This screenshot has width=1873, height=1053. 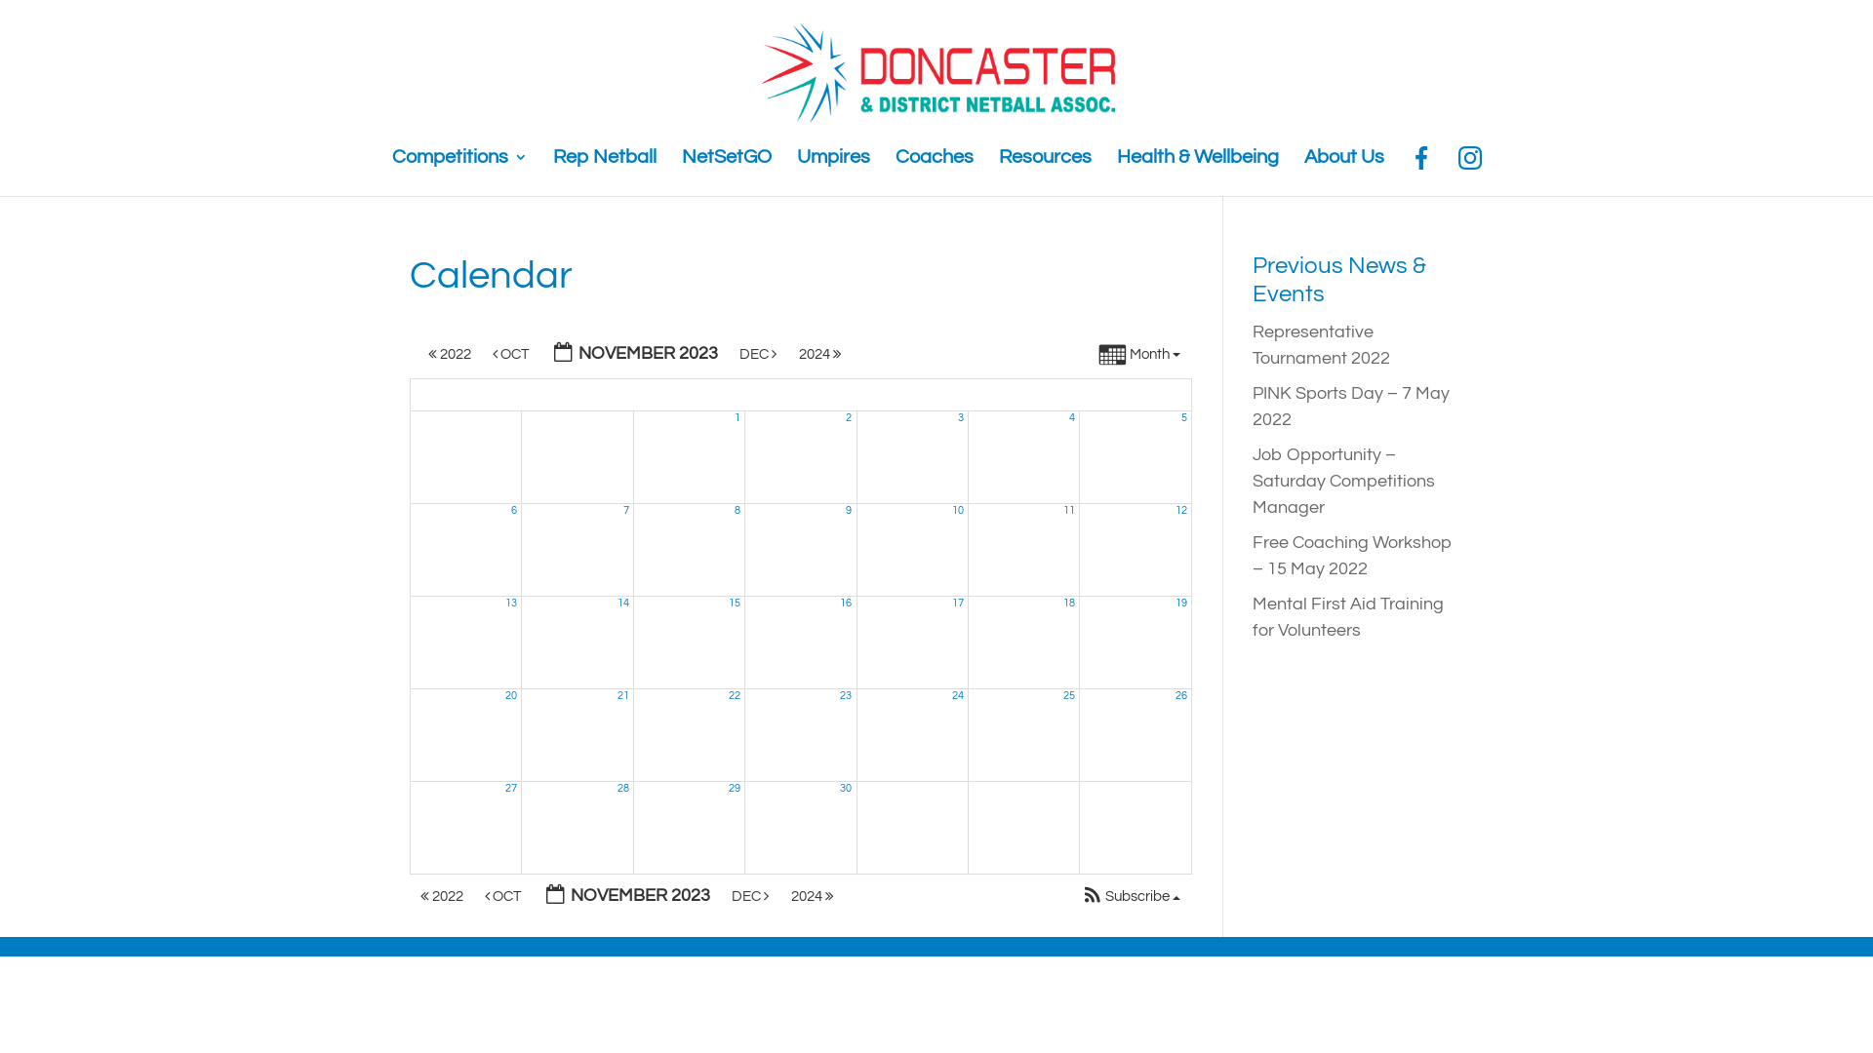 I want to click on '7', so click(x=626, y=509).